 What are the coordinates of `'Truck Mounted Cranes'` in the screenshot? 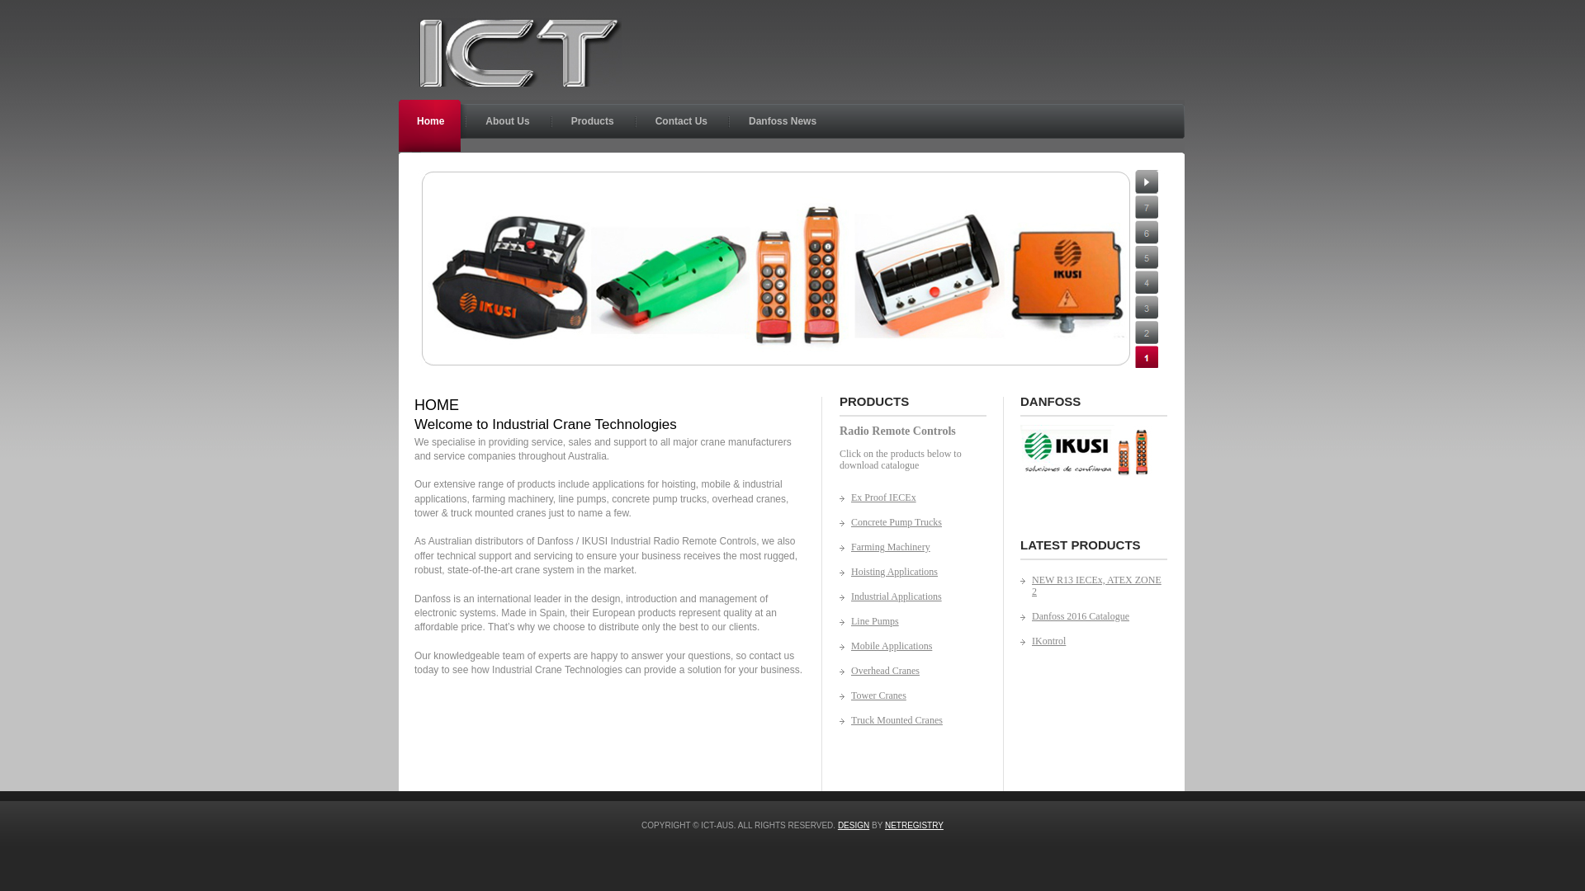 It's located at (903, 719).